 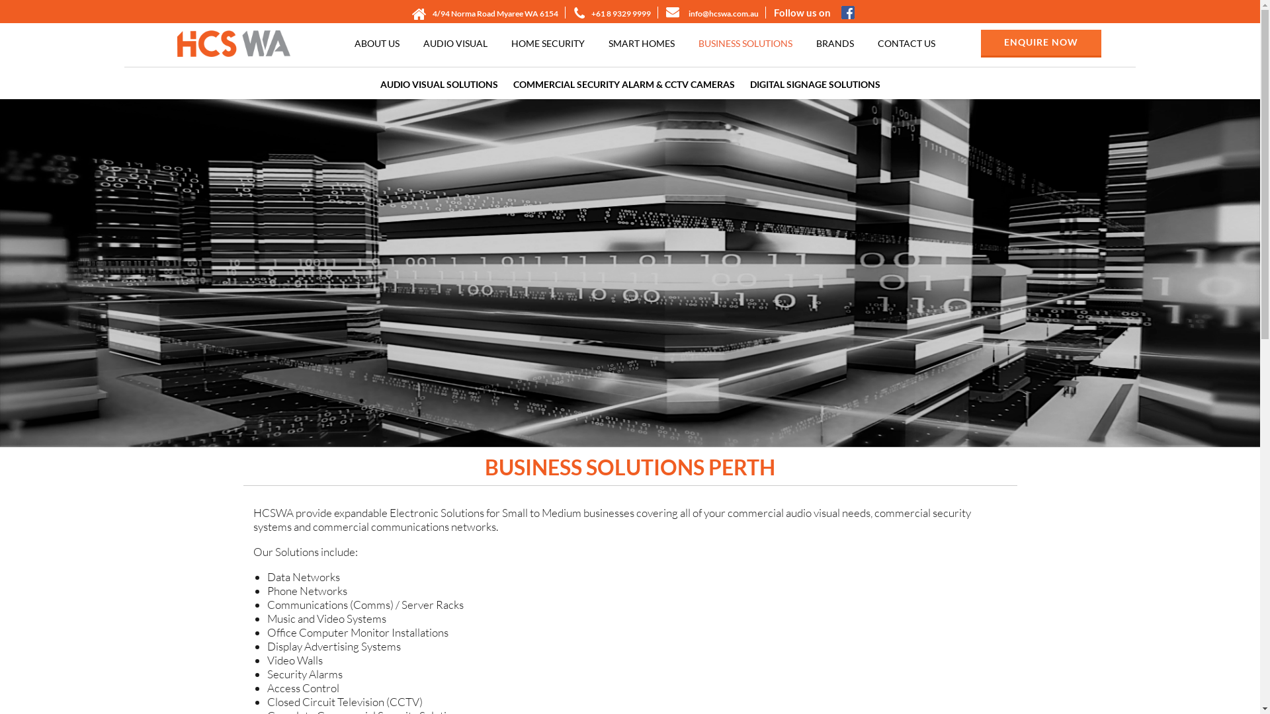 What do you see at coordinates (834, 42) in the screenshot?
I see `'BRANDS'` at bounding box center [834, 42].